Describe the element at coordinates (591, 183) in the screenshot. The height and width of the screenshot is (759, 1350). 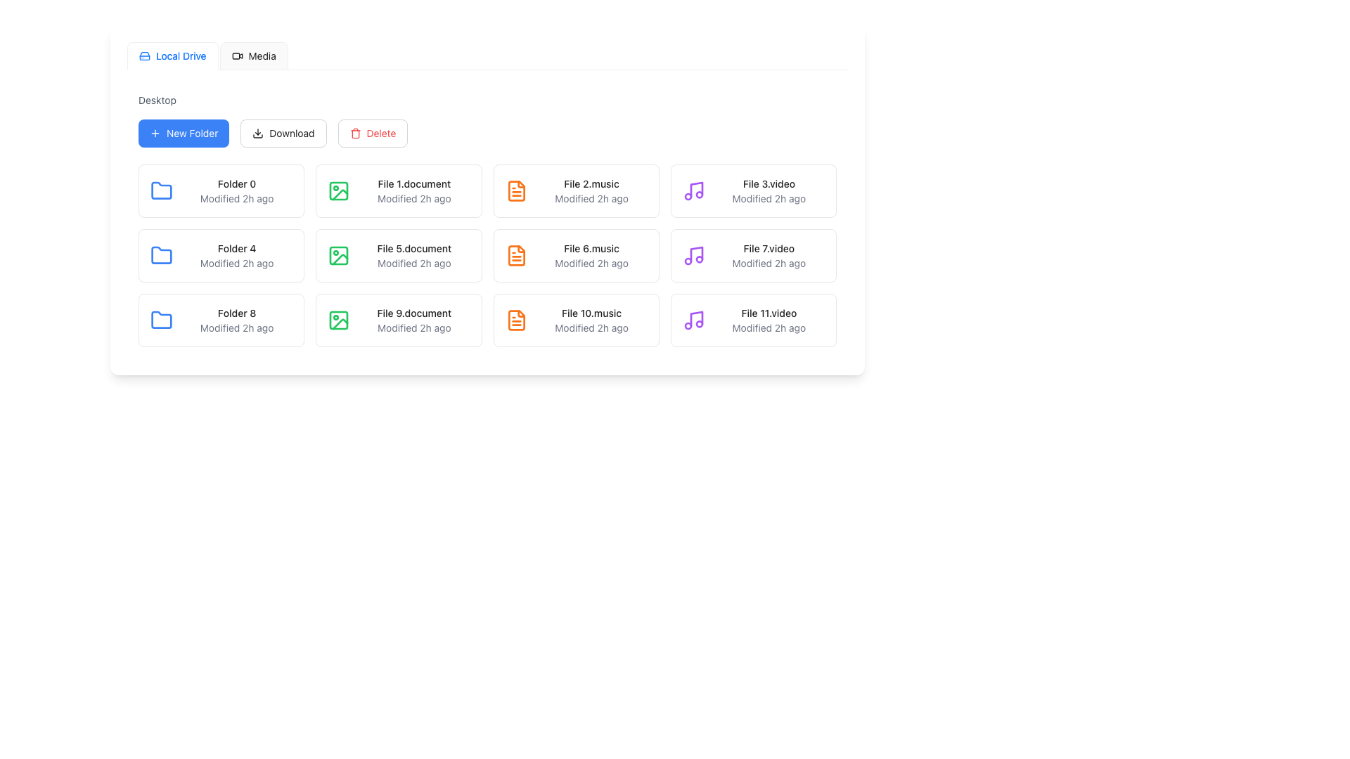
I see `the non-interactive text label displaying 'File 2.music', located in the second column of the first row within a 3x4 grid of file items` at that location.